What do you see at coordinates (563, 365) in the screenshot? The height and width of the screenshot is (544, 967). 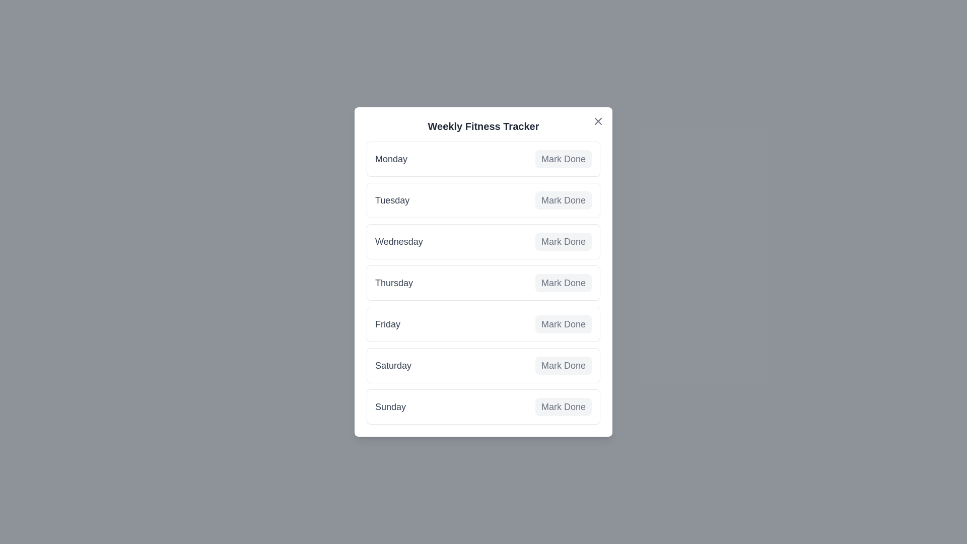 I see `'Mark Done' button for Saturday` at bounding box center [563, 365].